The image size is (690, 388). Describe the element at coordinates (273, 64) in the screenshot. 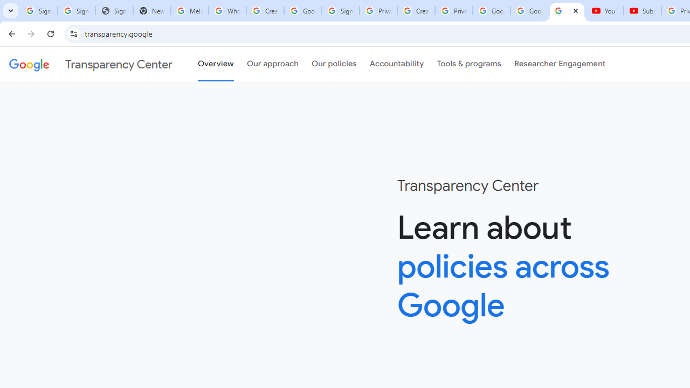

I see `'Our approach'` at that location.